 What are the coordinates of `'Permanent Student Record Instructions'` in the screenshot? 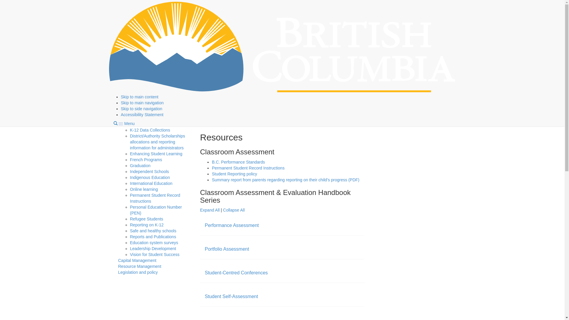 It's located at (155, 198).